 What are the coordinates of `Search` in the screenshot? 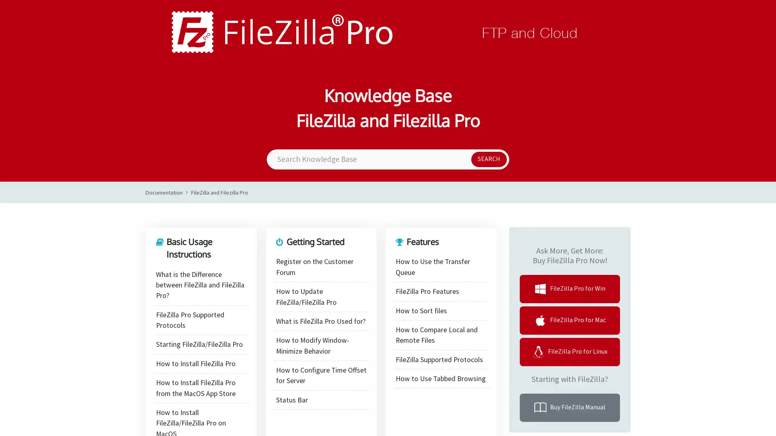 It's located at (488, 159).